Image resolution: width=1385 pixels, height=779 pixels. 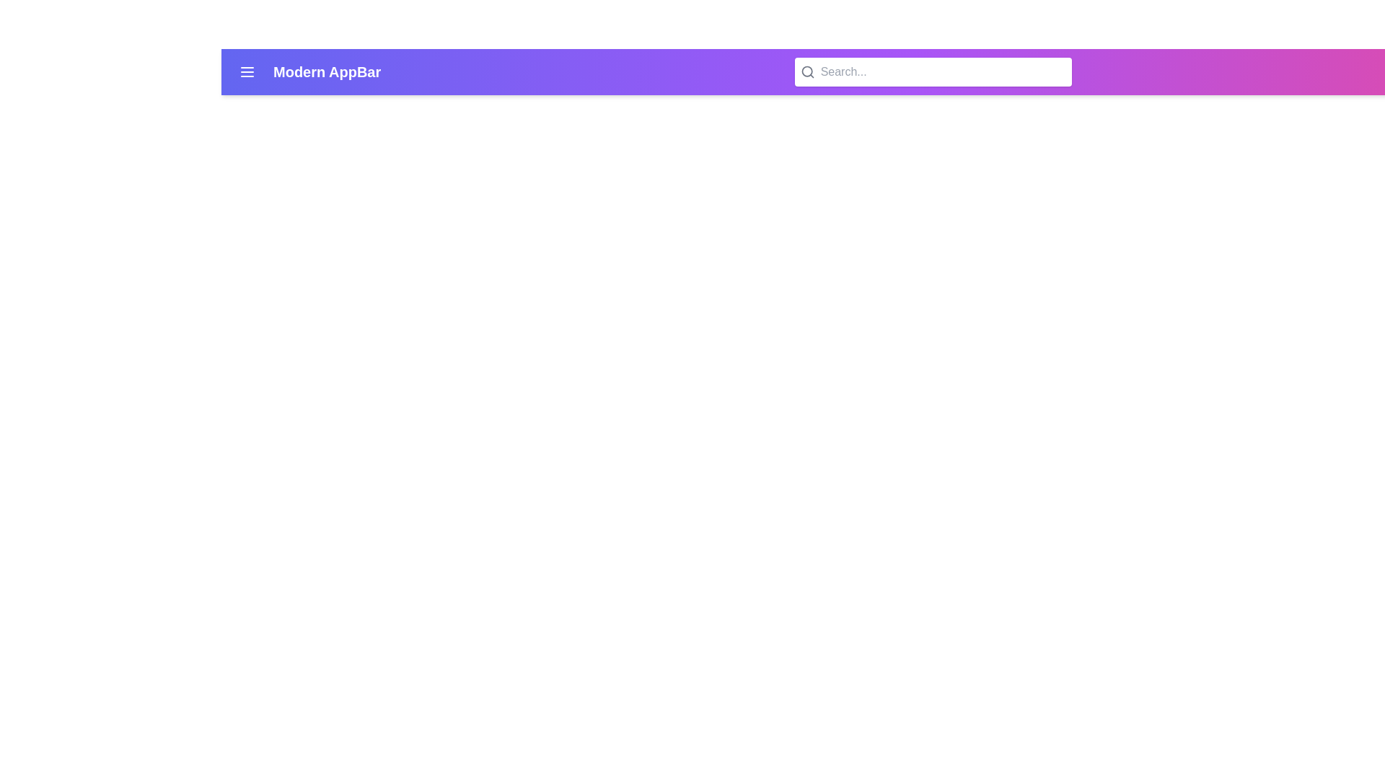 I want to click on visible text from the text label displaying 'Modern AppBar', which is styled with a large bold font in white color and located on a gradient purple navigation bar, so click(x=326, y=72).